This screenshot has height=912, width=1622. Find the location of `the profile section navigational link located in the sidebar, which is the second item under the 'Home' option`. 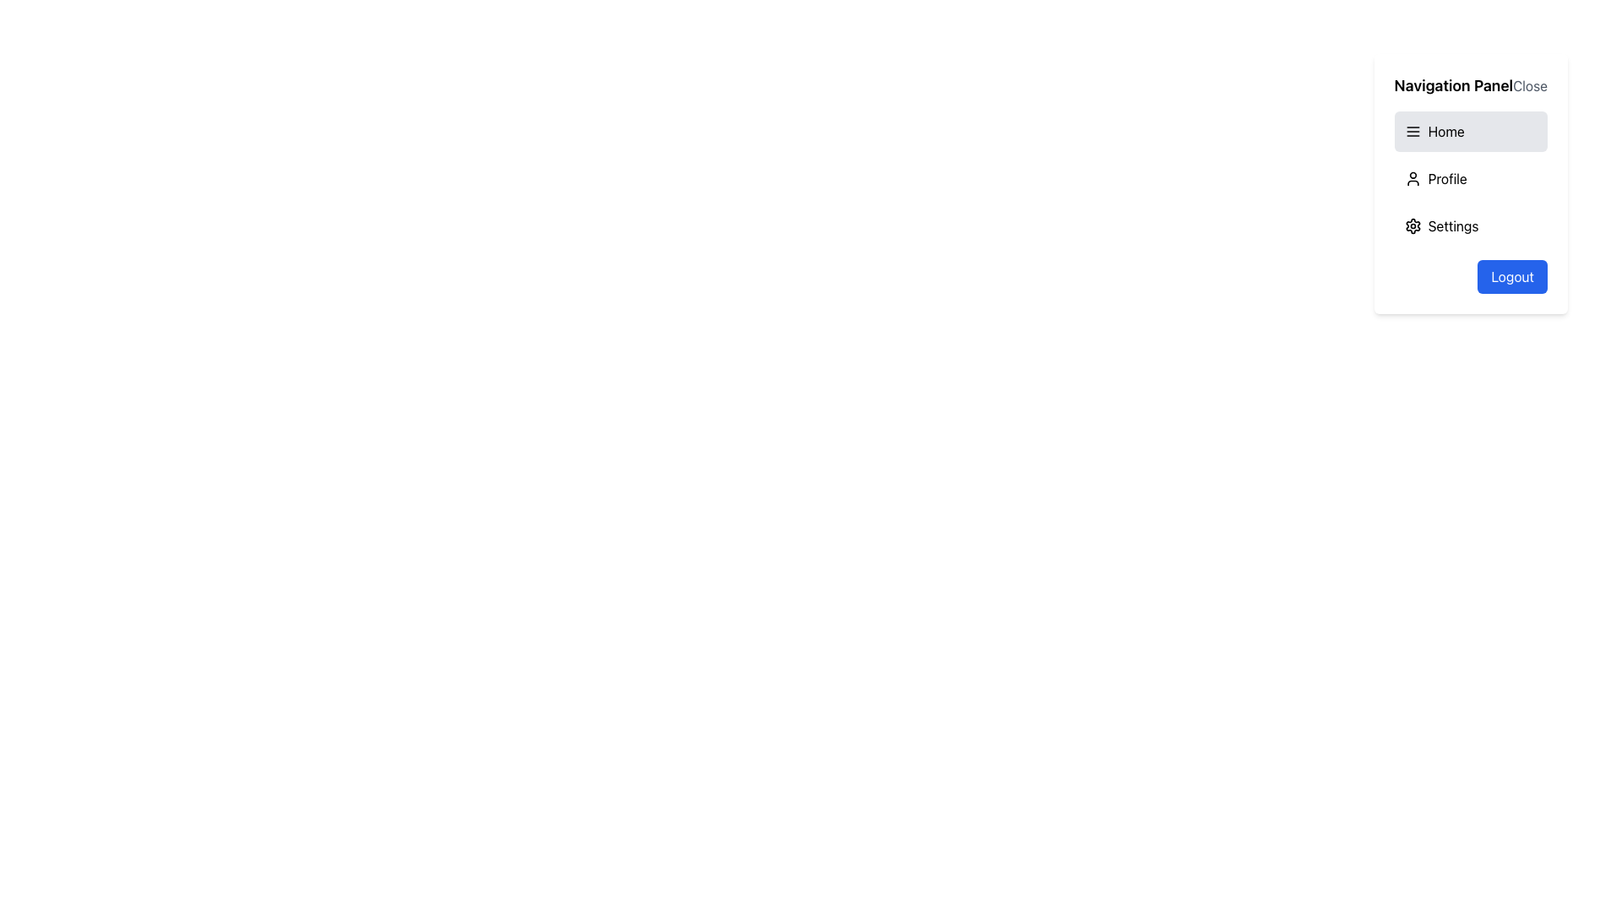

the profile section navigational link located in the sidebar, which is the second item under the 'Home' option is located at coordinates (1470, 179).